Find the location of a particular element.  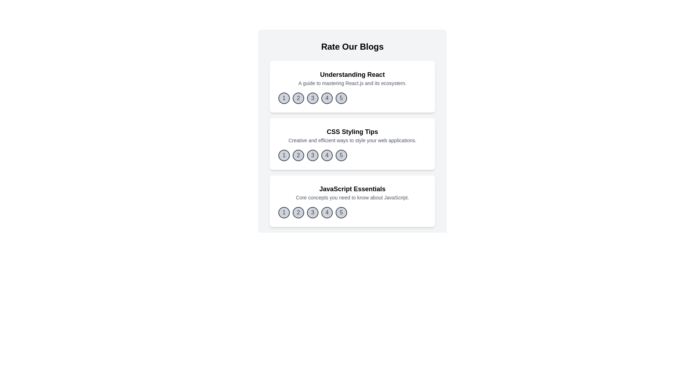

the rating button corresponding to 4 for the blog titled 'Understanding React' is located at coordinates (326, 98).